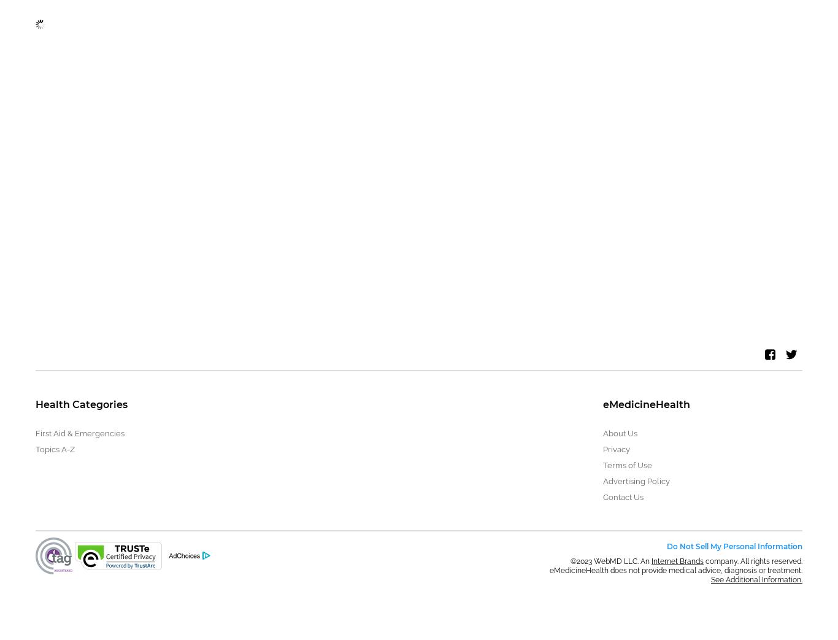 The height and width of the screenshot is (640, 838). Describe the element at coordinates (36, 403) in the screenshot. I see `'Health Categories'` at that location.